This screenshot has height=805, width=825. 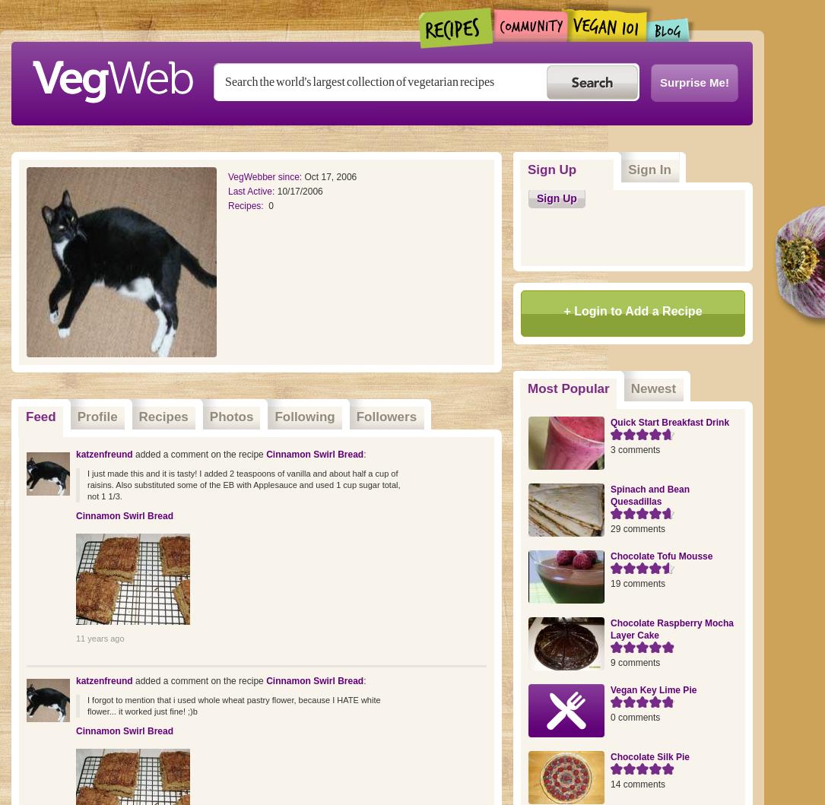 I want to click on 'Following', so click(x=303, y=416).